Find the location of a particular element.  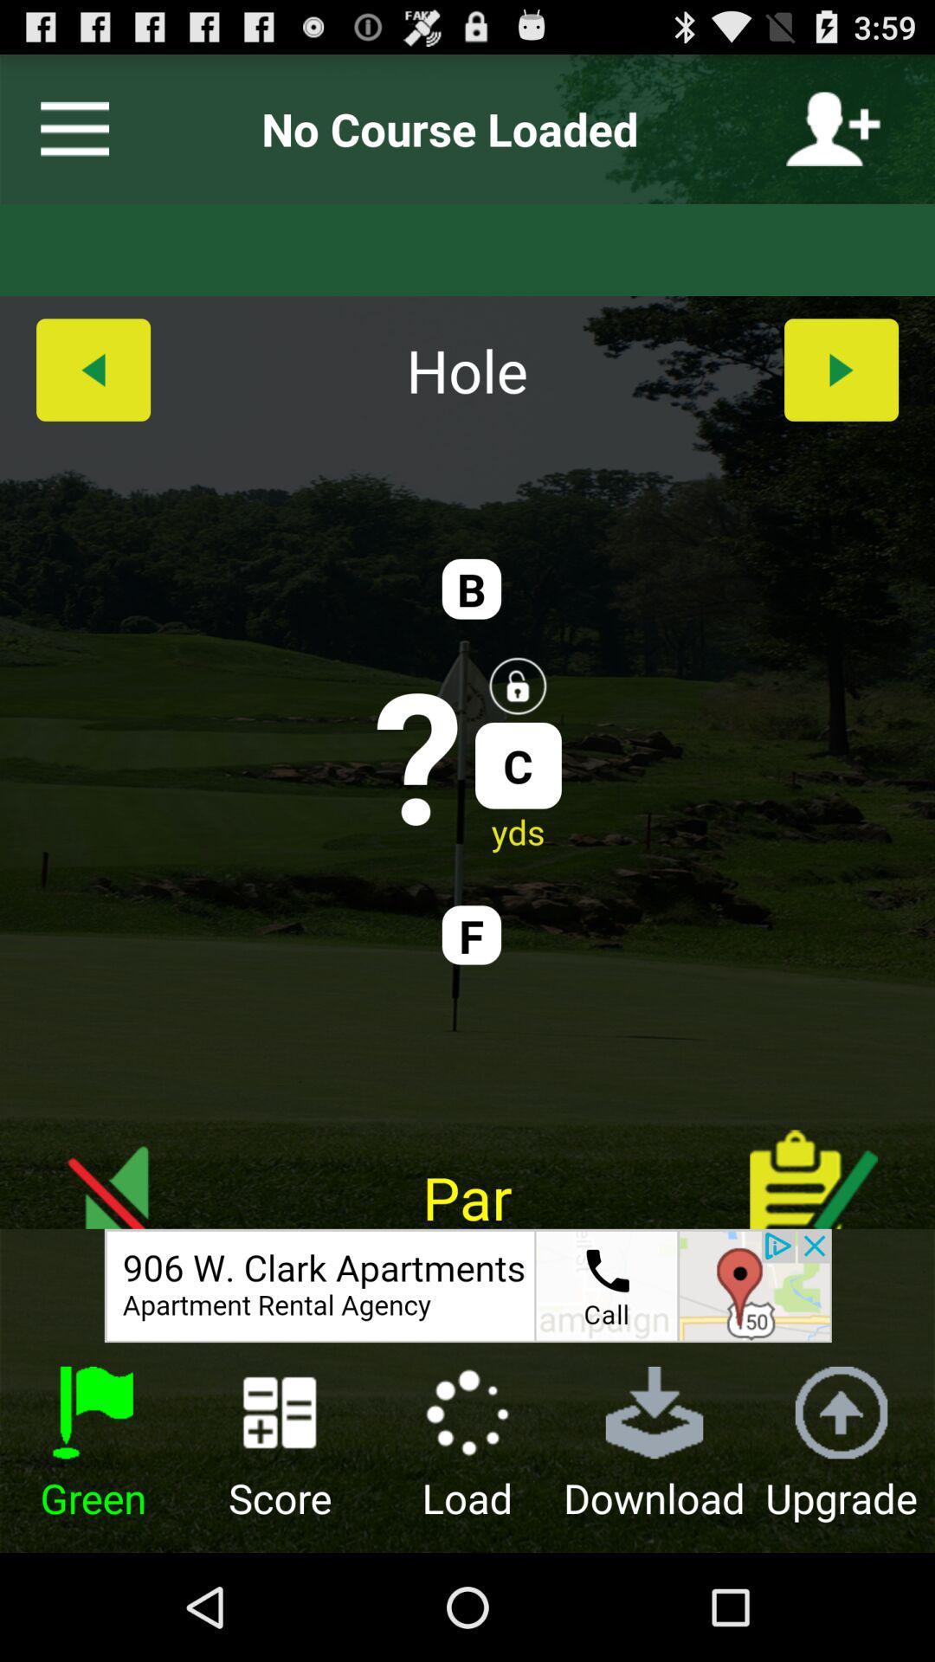

the thumbs_up icon is located at coordinates (814, 1247).